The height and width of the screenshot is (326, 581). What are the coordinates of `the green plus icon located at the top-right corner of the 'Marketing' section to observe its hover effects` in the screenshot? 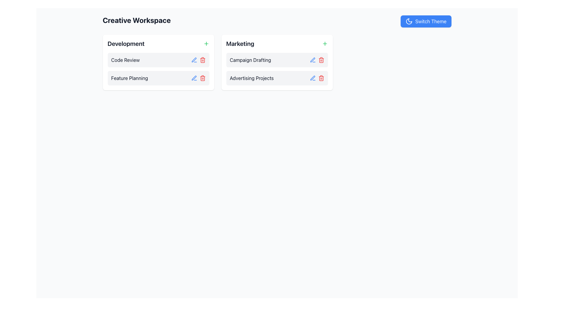 It's located at (324, 43).